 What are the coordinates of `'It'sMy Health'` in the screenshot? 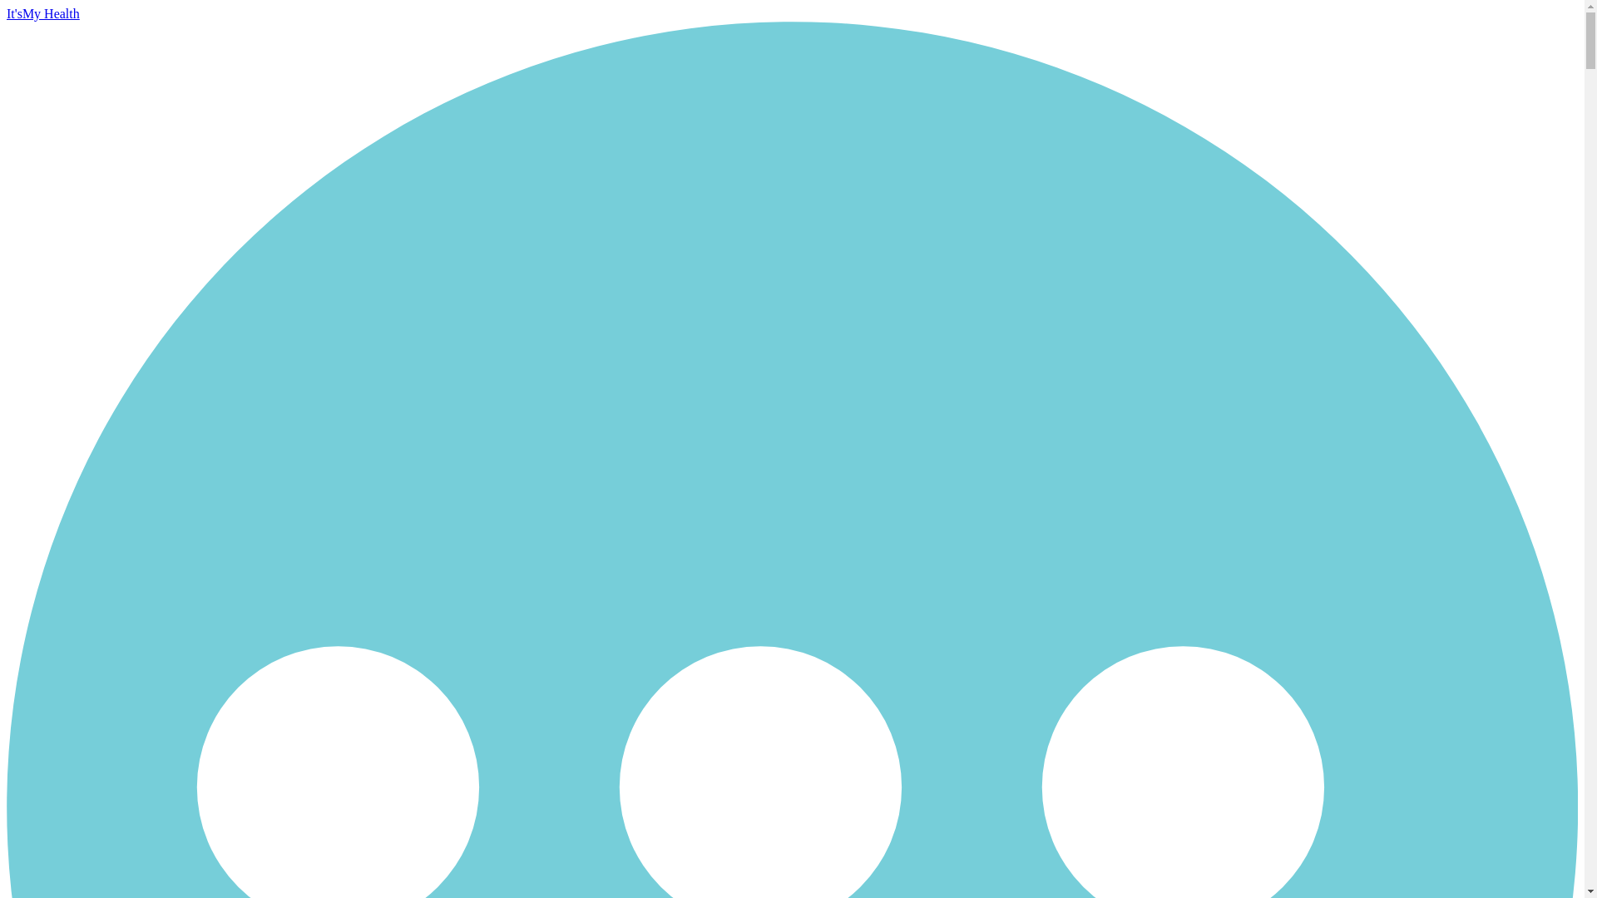 It's located at (43, 13).